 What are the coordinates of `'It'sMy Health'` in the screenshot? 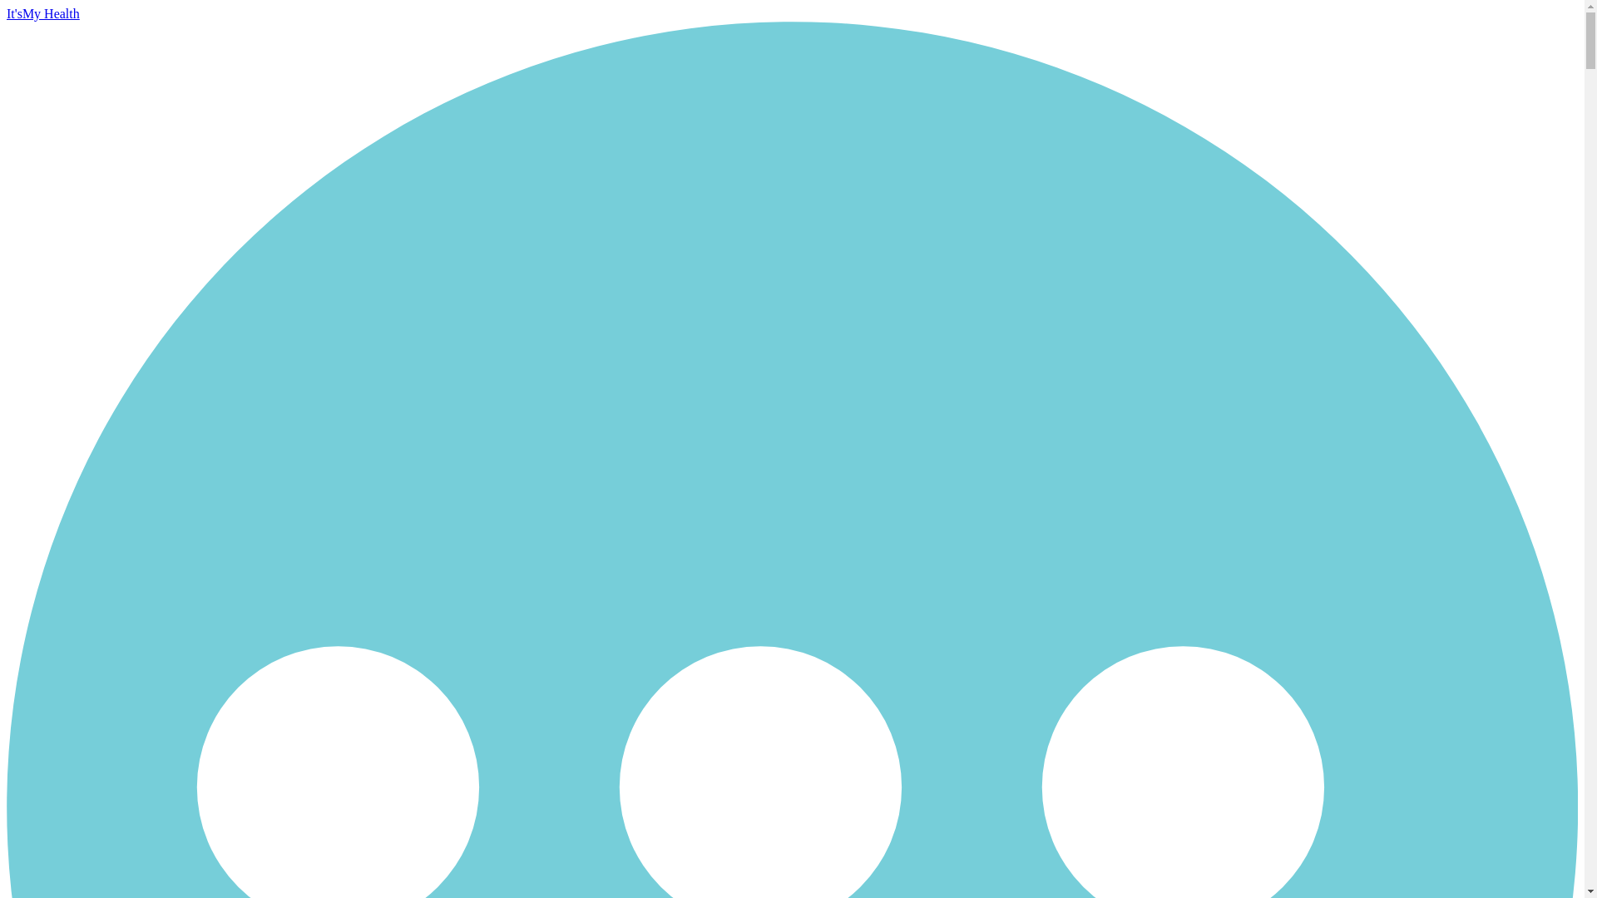 It's located at (43, 13).